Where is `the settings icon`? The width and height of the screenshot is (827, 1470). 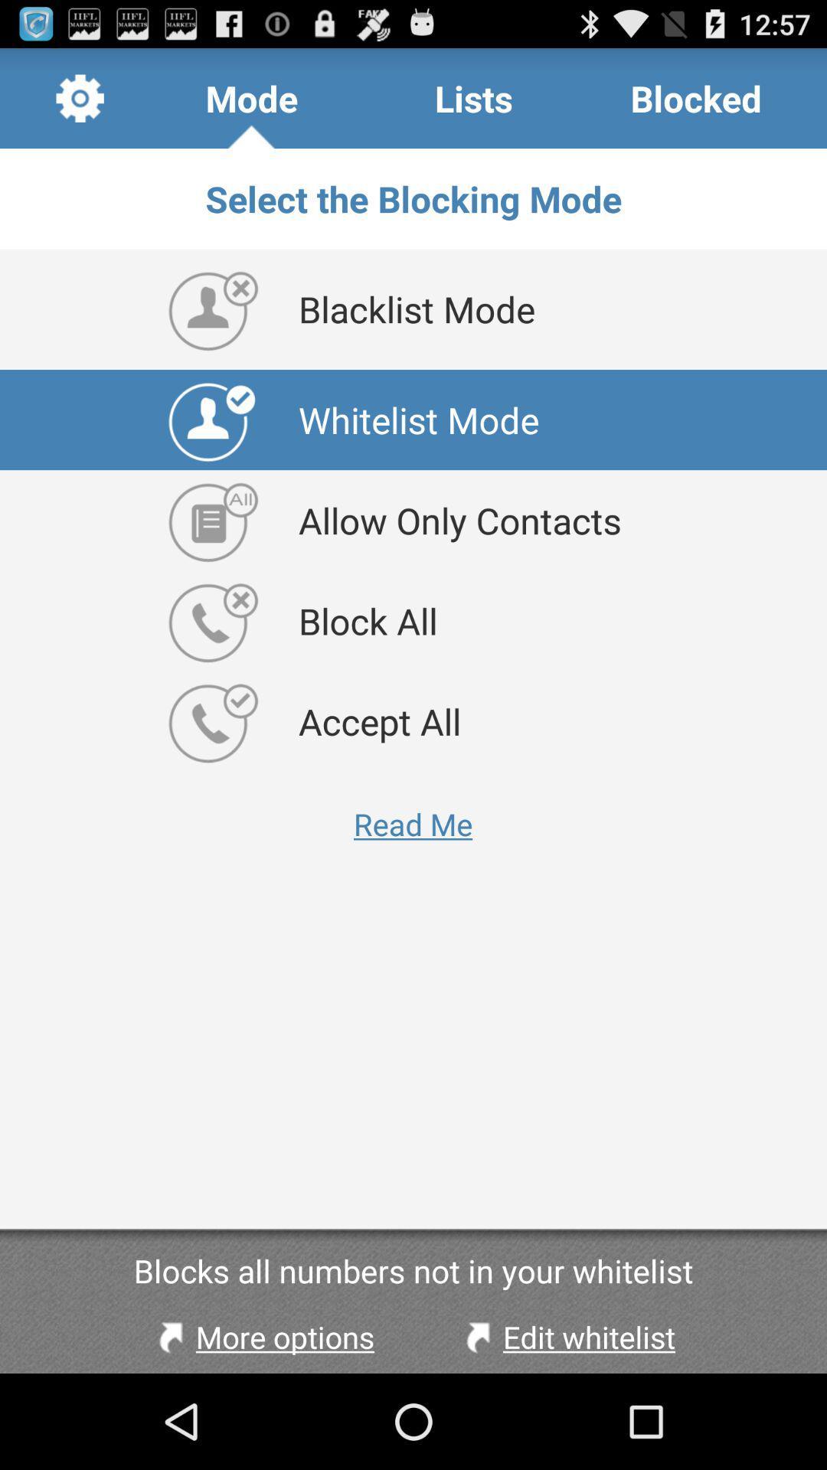 the settings icon is located at coordinates (80, 104).